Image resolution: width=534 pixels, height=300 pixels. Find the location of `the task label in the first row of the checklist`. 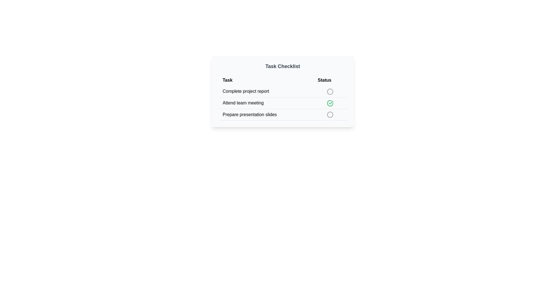

the task label in the first row of the checklist is located at coordinates (265, 91).